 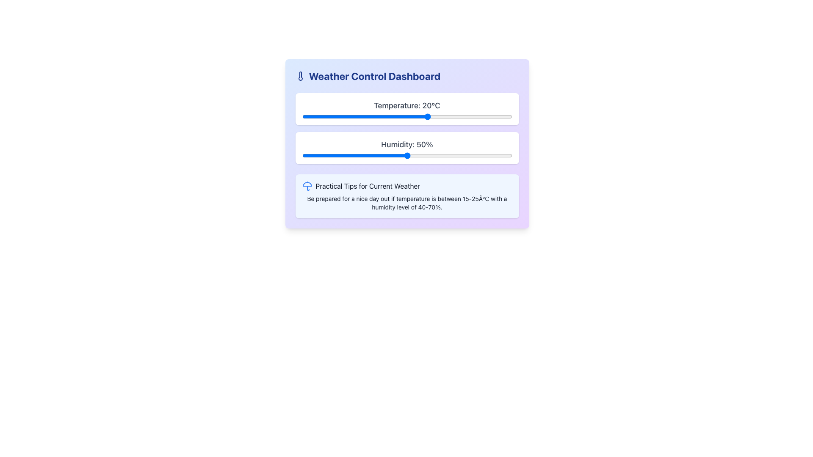 I want to click on the temperature, so click(x=357, y=117).